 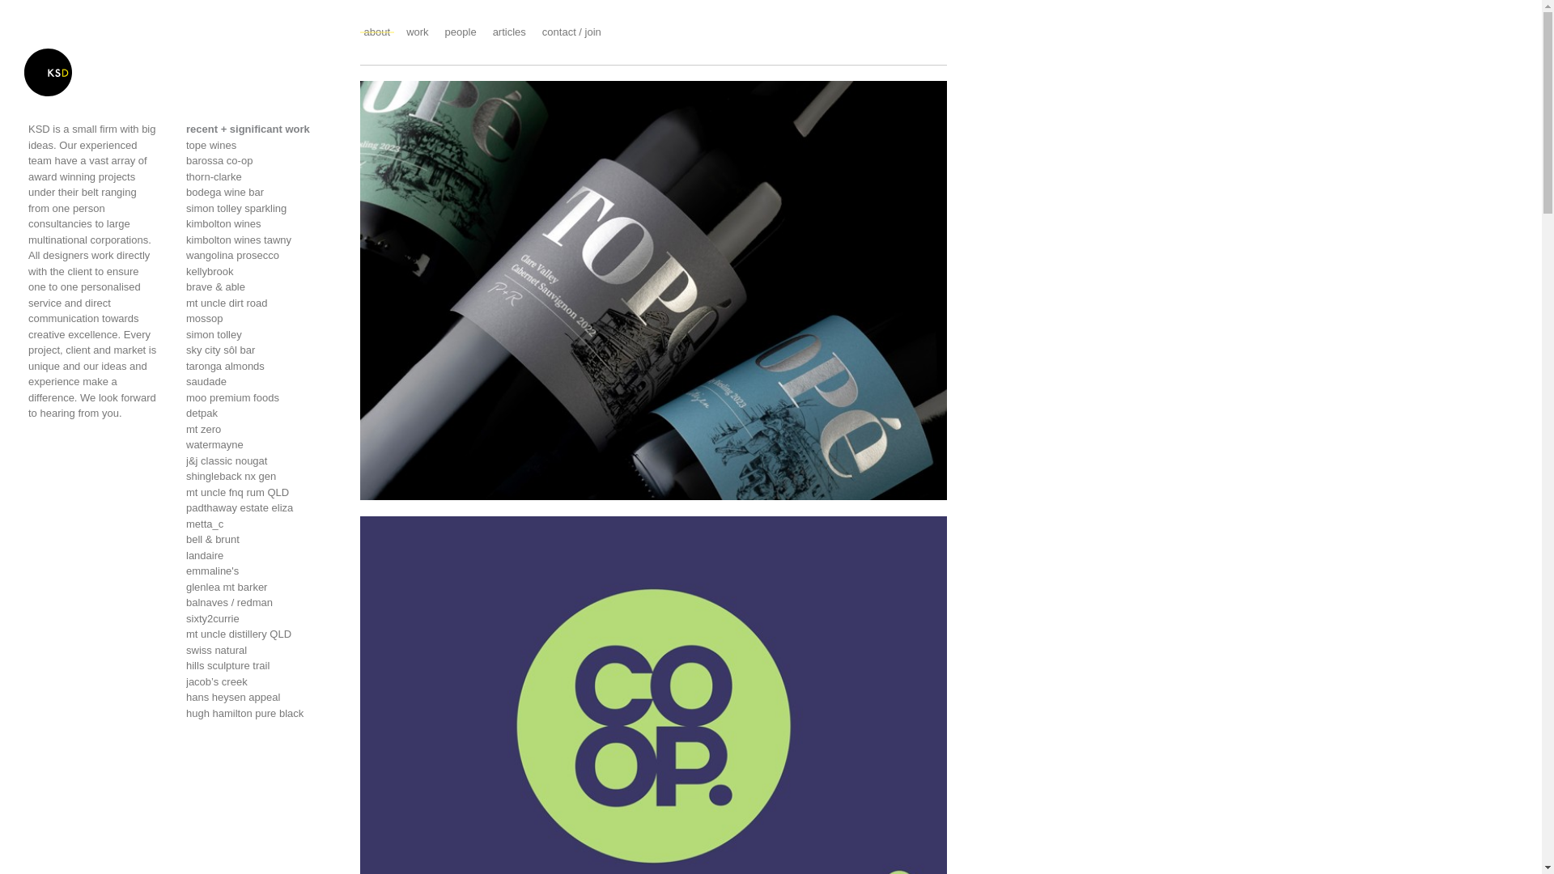 What do you see at coordinates (259, 161) in the screenshot?
I see `'barossa co-op'` at bounding box center [259, 161].